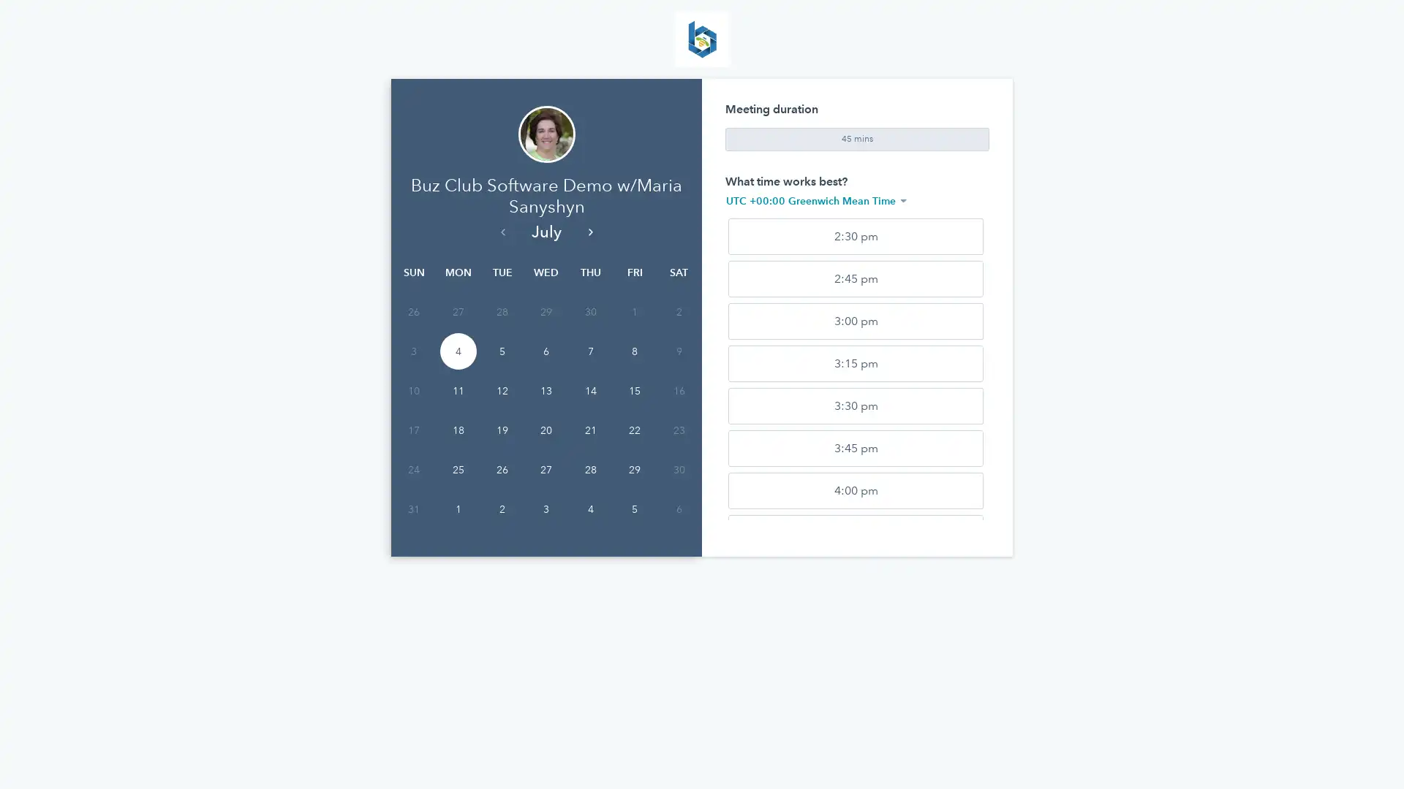 The image size is (1404, 789). What do you see at coordinates (546, 430) in the screenshot?
I see `July 20th` at bounding box center [546, 430].